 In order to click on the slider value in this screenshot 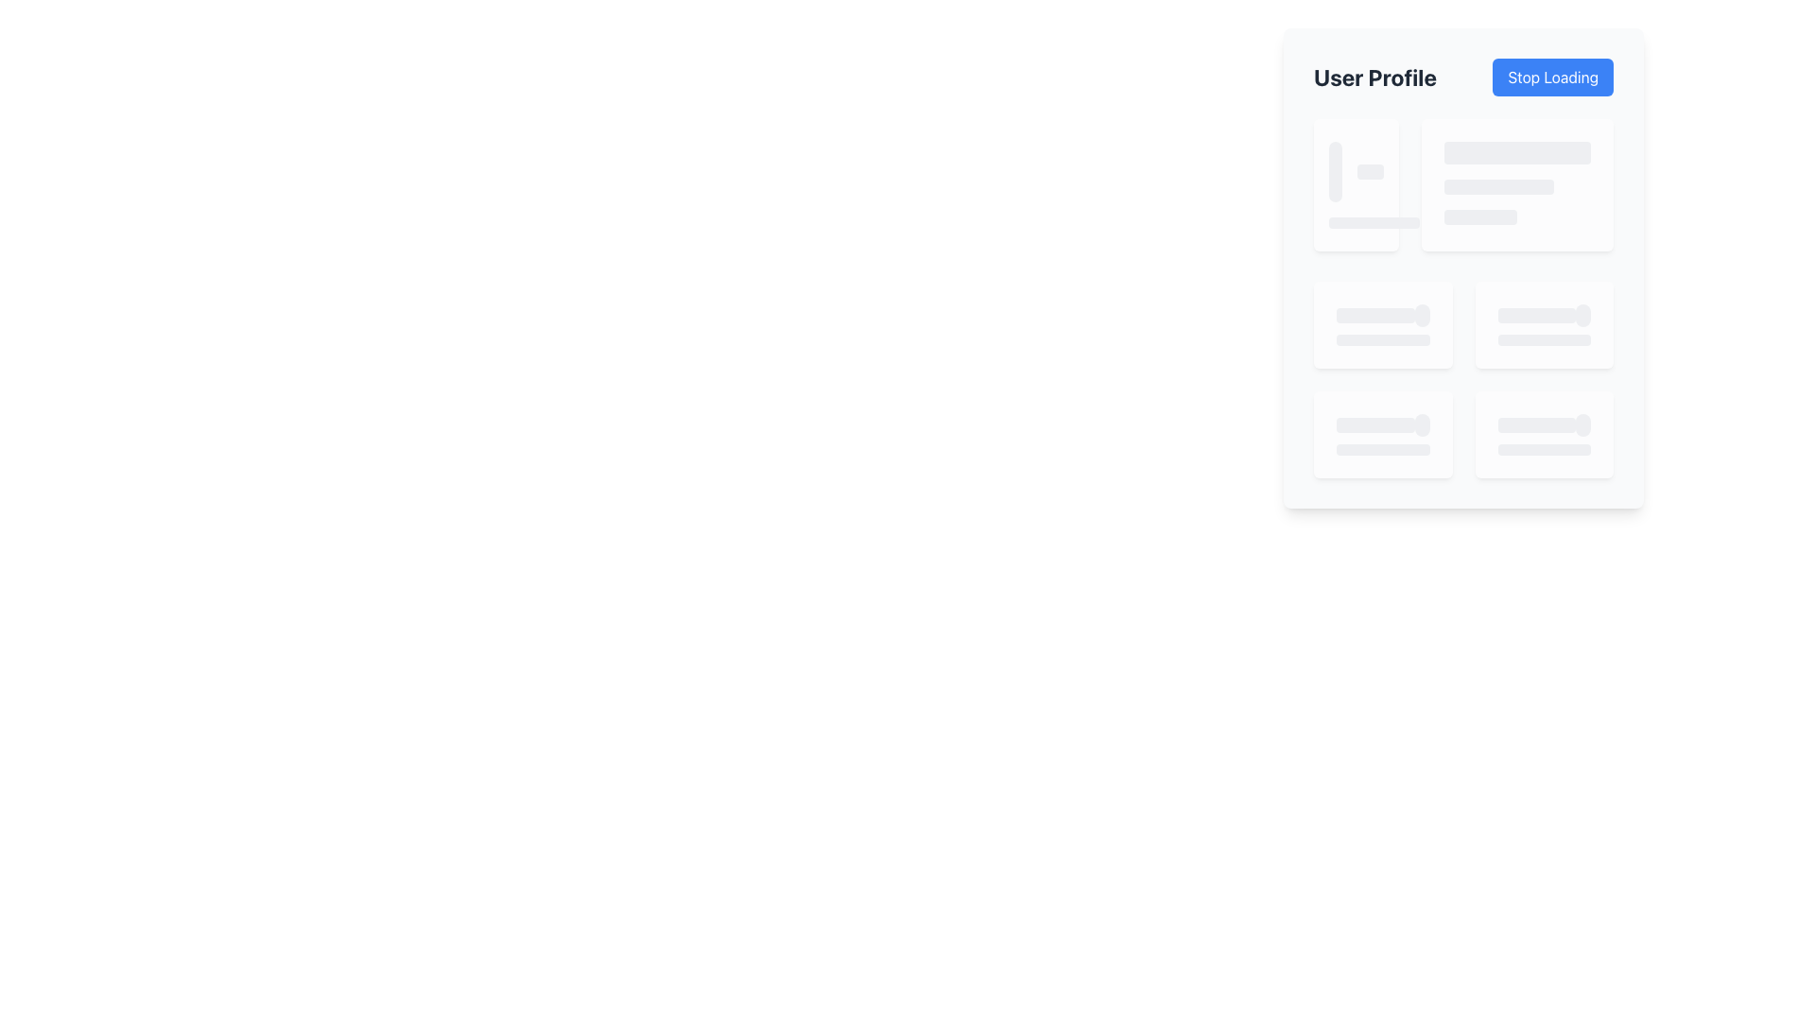, I will do `click(1377, 425)`.